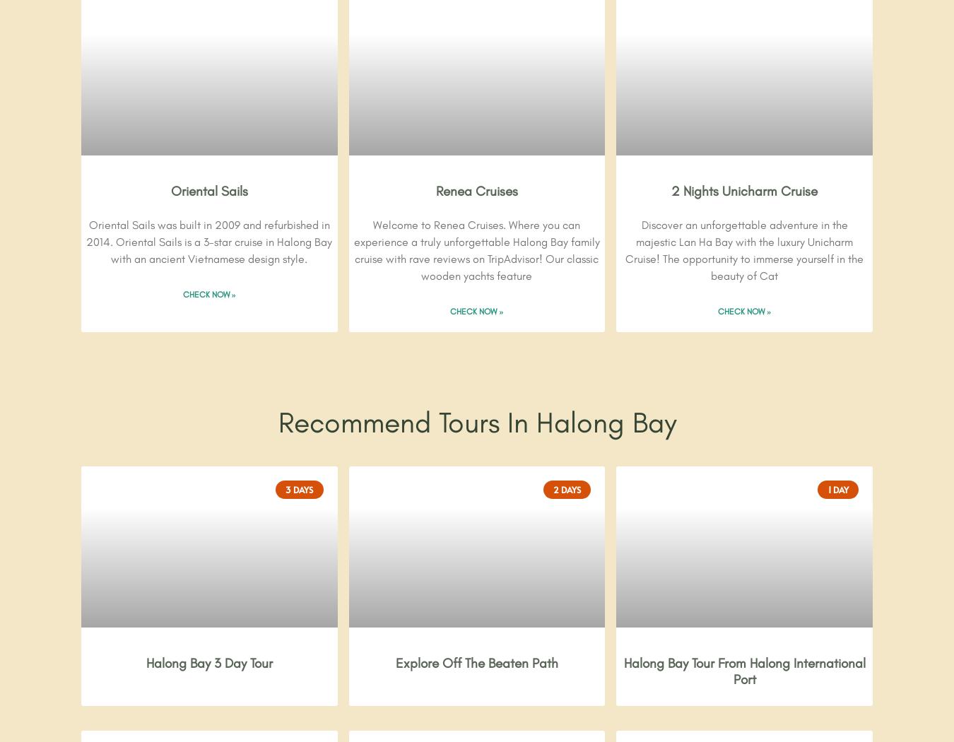 The image size is (954, 742). What do you see at coordinates (744, 671) in the screenshot?
I see `'Halong Bay Tour From Halong International Port'` at bounding box center [744, 671].